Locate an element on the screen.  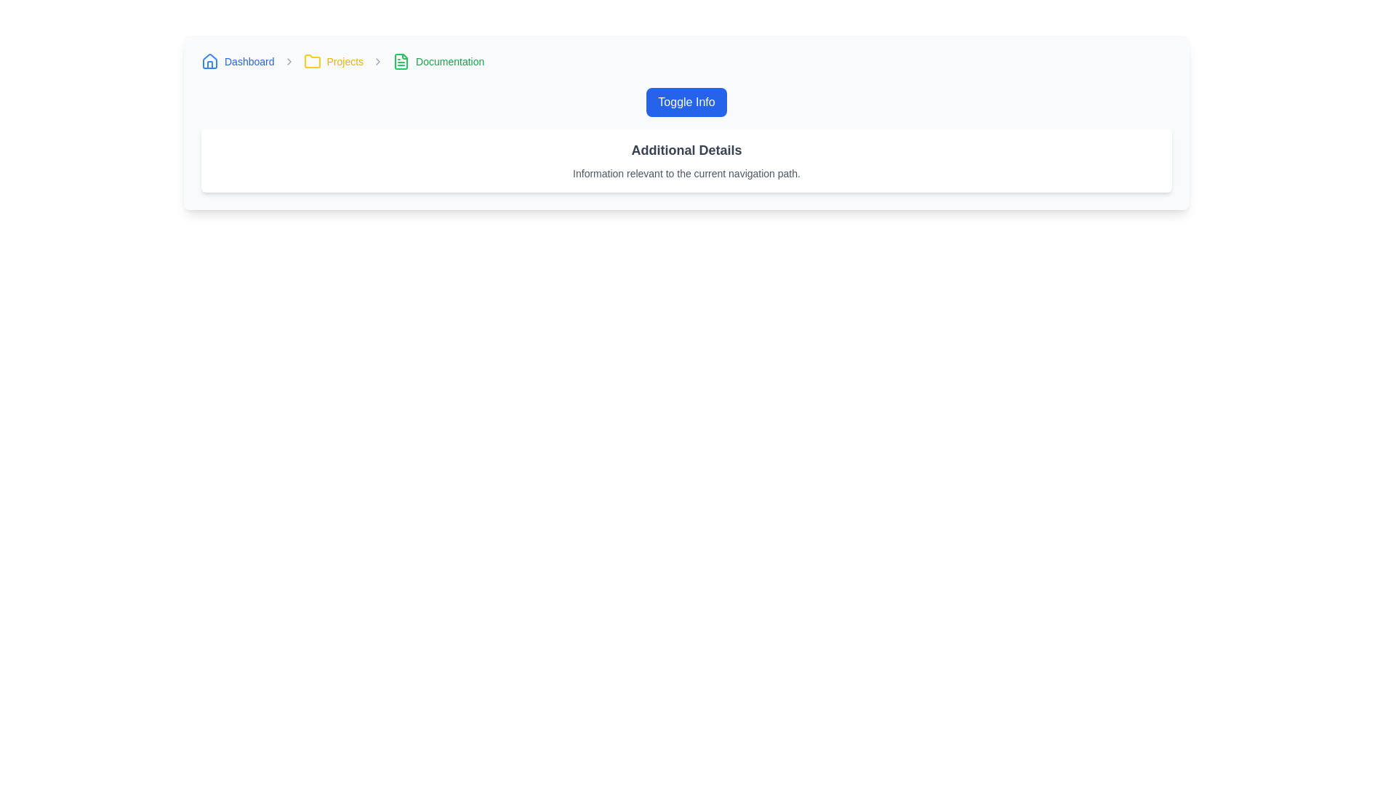
the folder icon in the breadcrumb navigation bar is located at coordinates (311, 60).